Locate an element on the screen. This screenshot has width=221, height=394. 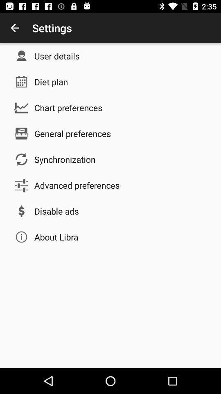
the general preferences icon is located at coordinates (72, 133).